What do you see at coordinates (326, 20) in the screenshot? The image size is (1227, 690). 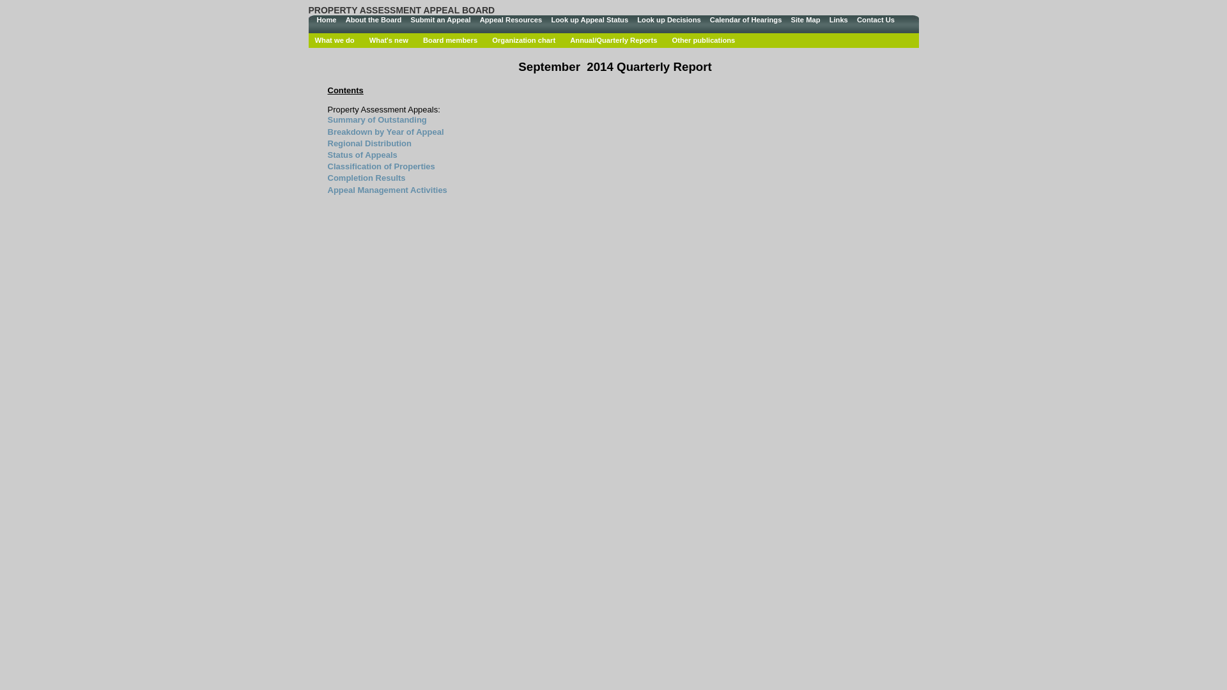 I see `'Home'` at bounding box center [326, 20].